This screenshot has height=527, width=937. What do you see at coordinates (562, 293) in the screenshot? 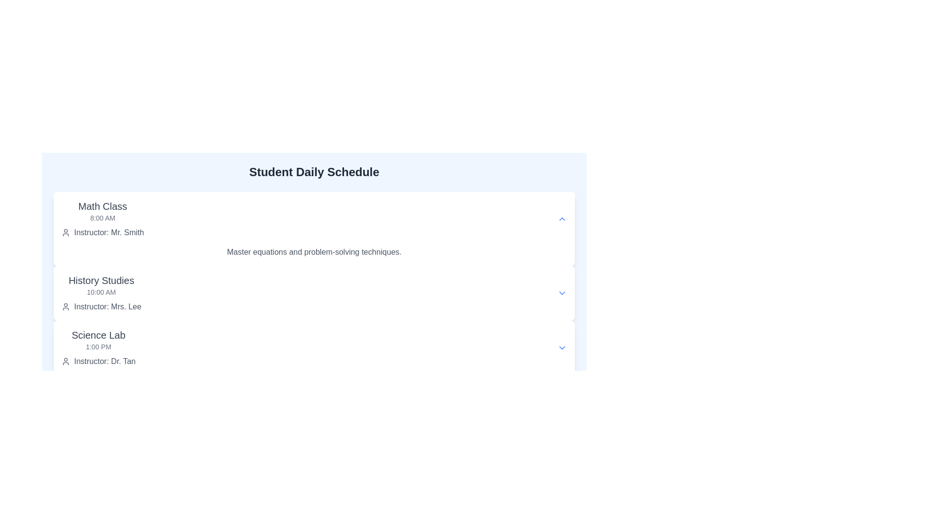
I see `the interactive dropdown toggle icon` at bounding box center [562, 293].